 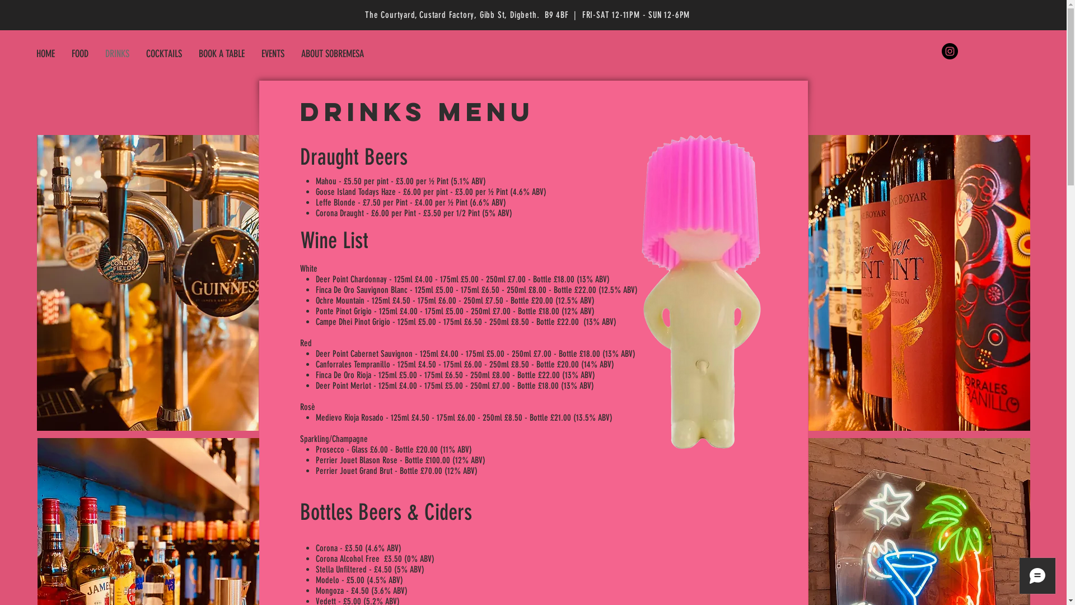 I want to click on 'DRINKS', so click(x=117, y=54).